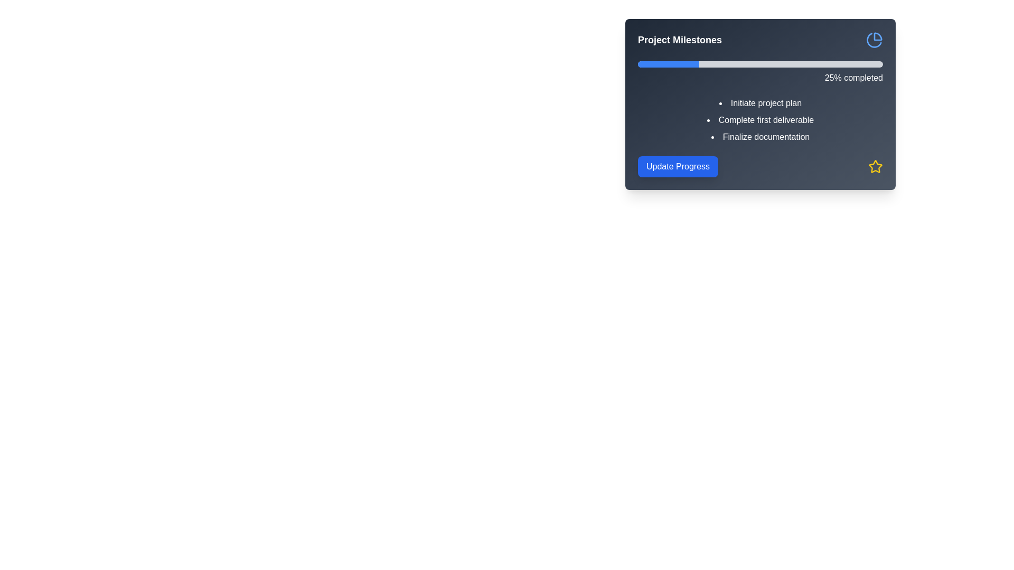  I want to click on the label for the milestone task 'Initiate project plan', which is the first item in the list of project milestones located below the progress bar, so click(760, 103).